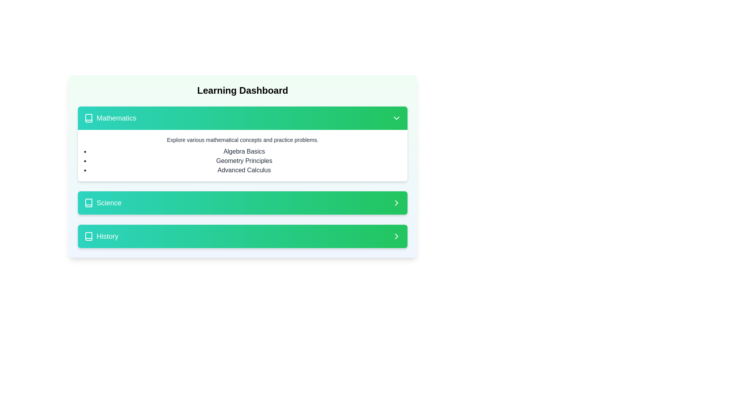 The image size is (748, 420). I want to click on the Text heading (H1 or H2 styled) at the top center of the dashboard interface to interact with the main content area, so click(242, 90).